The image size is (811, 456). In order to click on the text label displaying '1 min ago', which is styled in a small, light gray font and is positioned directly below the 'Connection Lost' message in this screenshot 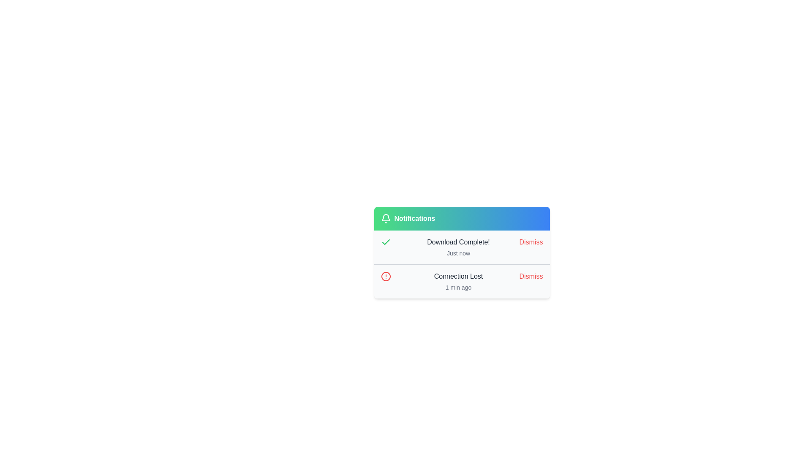, I will do `click(458, 287)`.